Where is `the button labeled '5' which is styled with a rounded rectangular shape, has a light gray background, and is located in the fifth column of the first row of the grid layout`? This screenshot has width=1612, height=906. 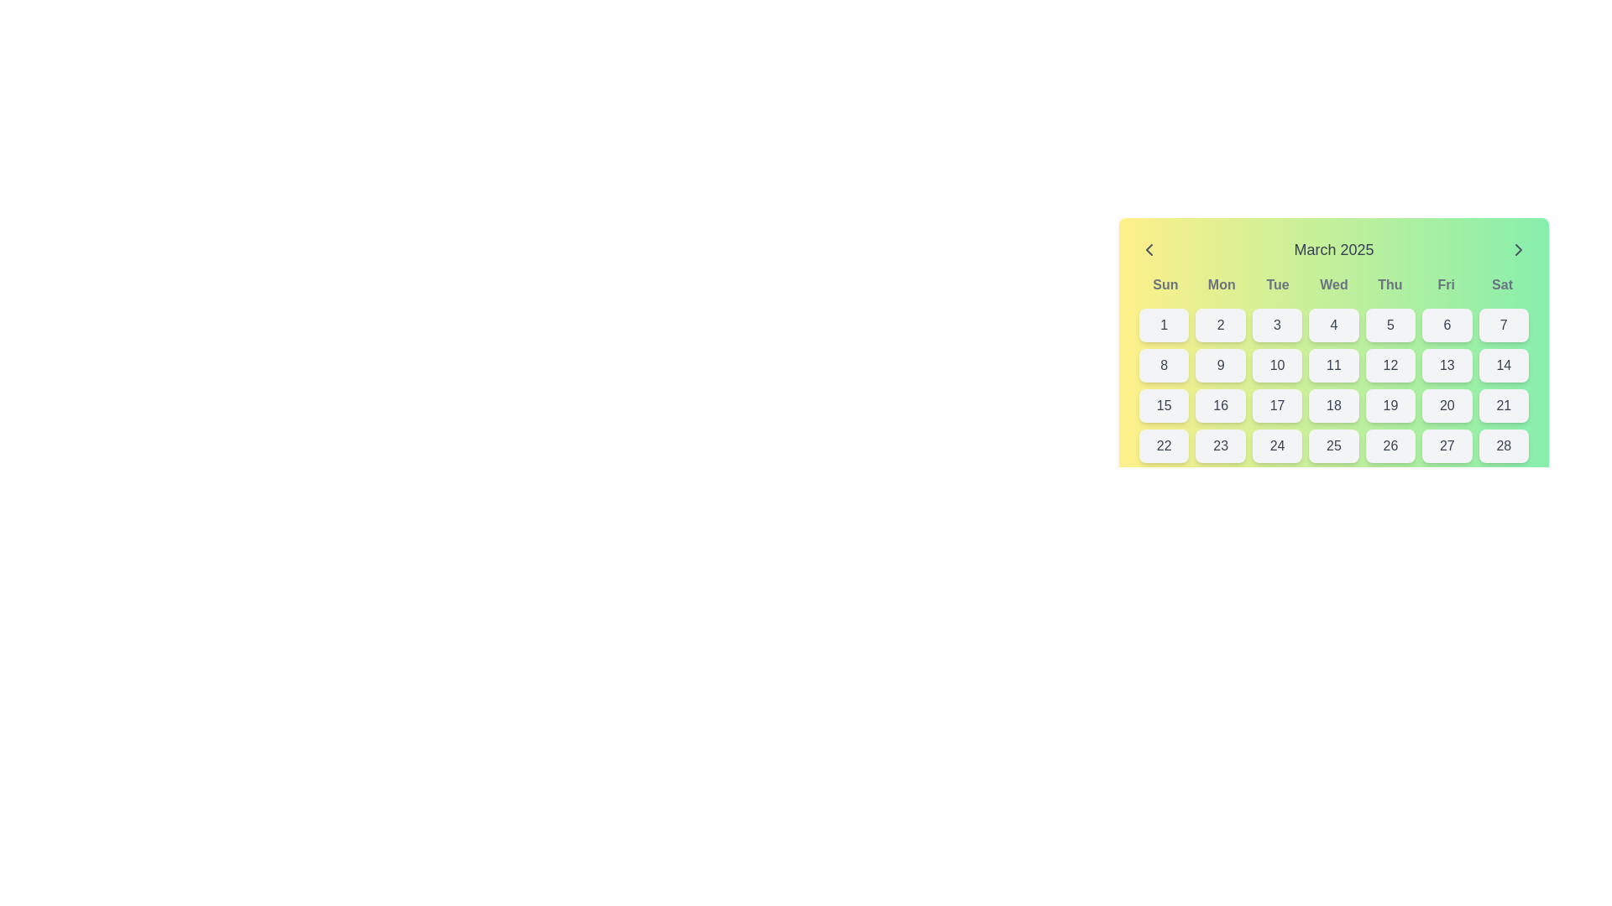 the button labeled '5' which is styled with a rounded rectangular shape, has a light gray background, and is located in the fifth column of the first row of the grid layout is located at coordinates (1390, 325).